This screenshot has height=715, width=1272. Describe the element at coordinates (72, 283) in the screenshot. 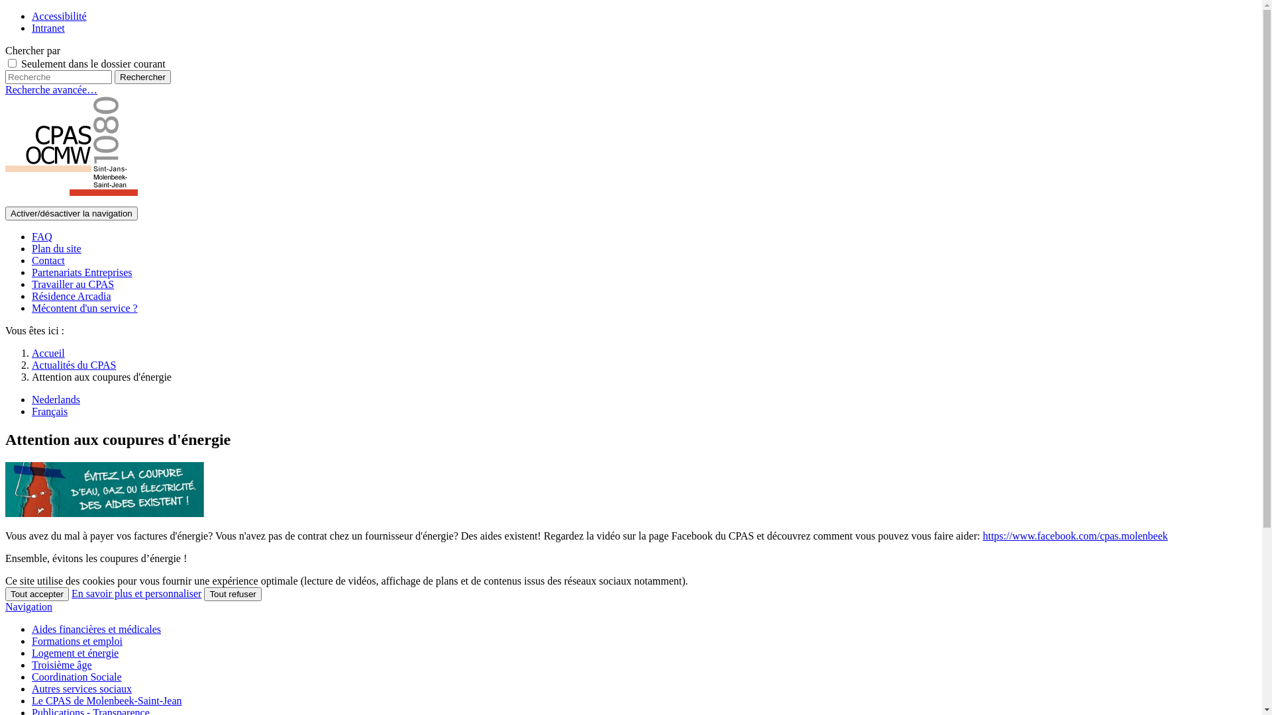

I see `'Travailler au CPAS'` at that location.